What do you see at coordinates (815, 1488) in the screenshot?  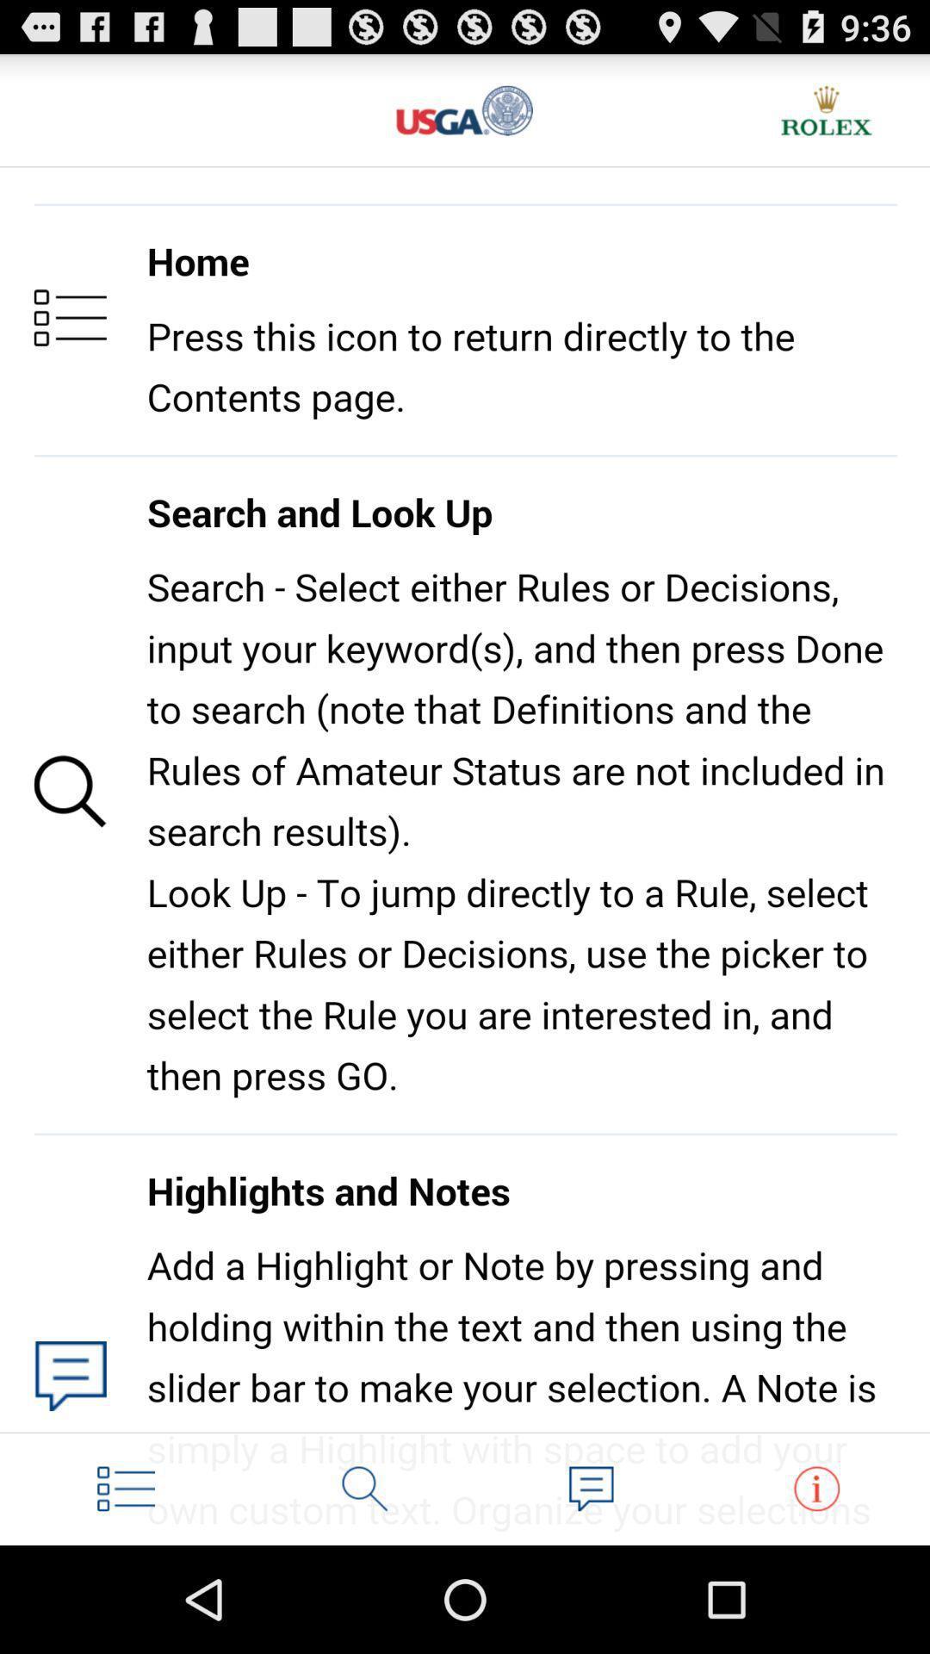 I see `instruction` at bounding box center [815, 1488].